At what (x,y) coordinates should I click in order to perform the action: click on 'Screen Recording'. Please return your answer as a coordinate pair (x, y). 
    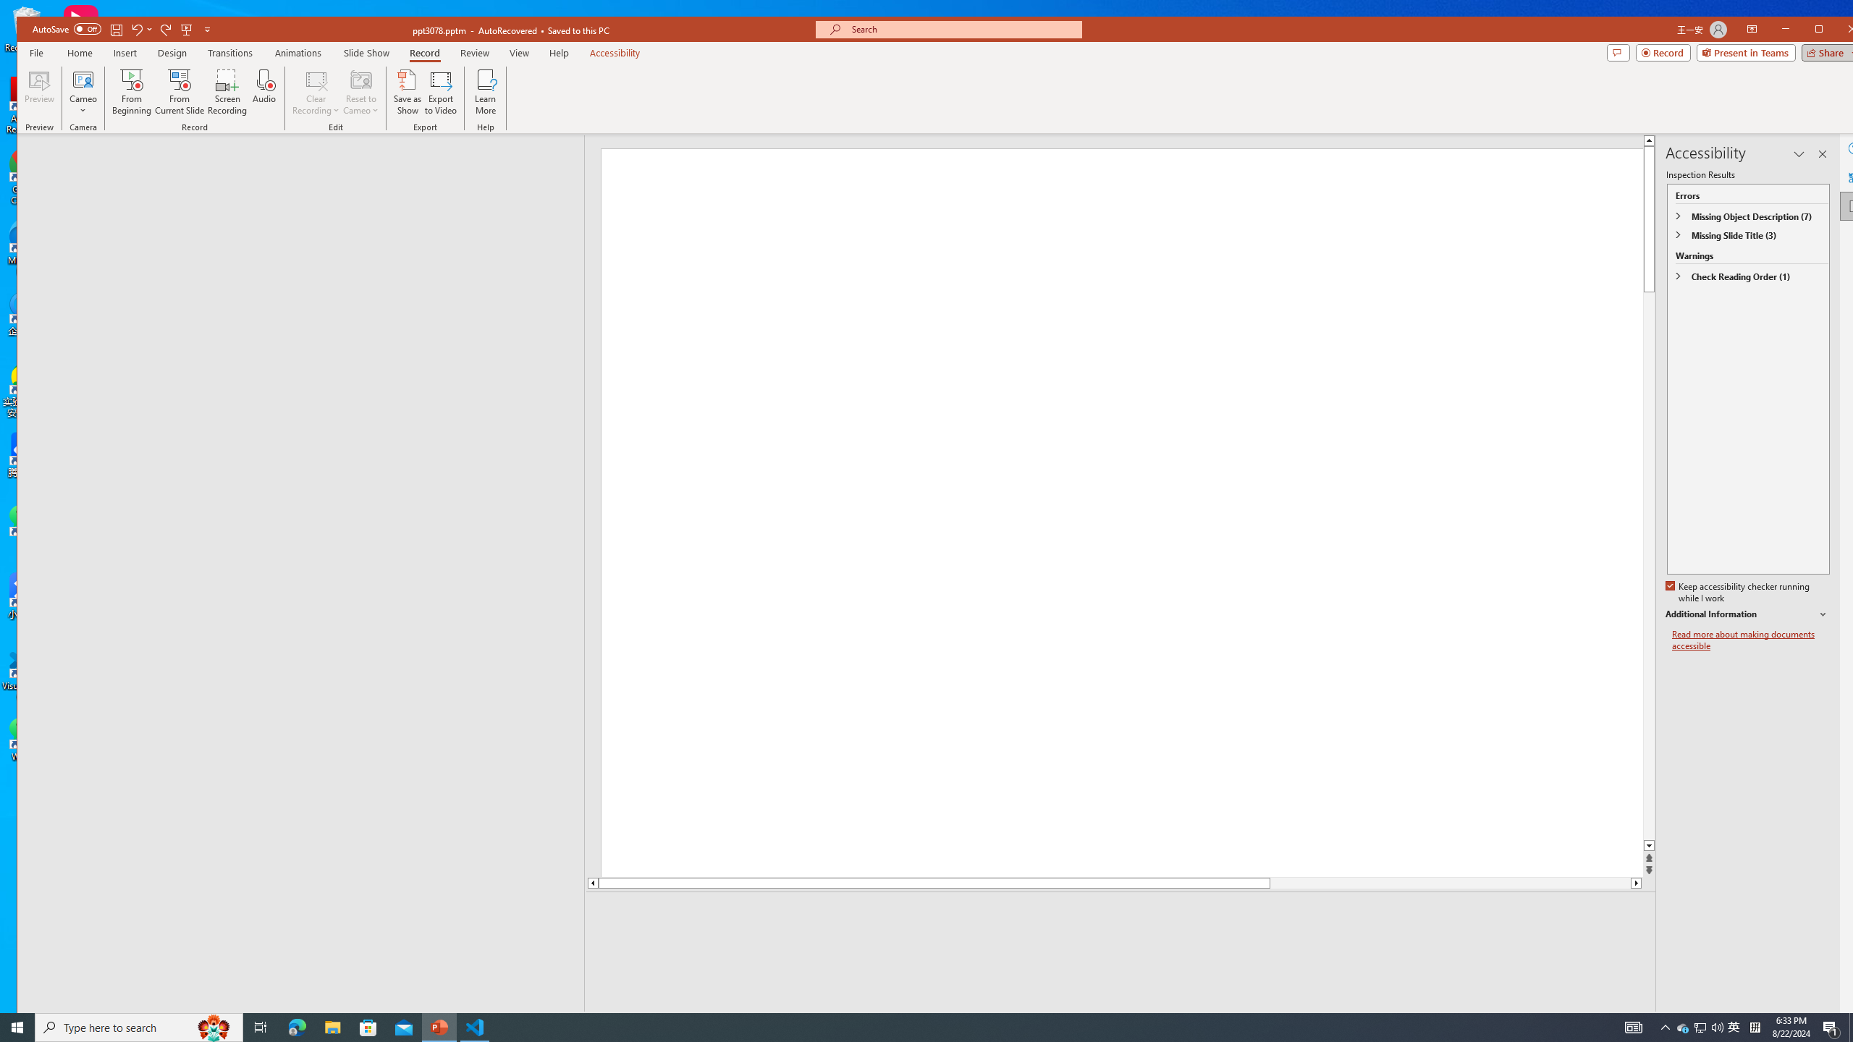
    Looking at the image, I should click on (227, 91).